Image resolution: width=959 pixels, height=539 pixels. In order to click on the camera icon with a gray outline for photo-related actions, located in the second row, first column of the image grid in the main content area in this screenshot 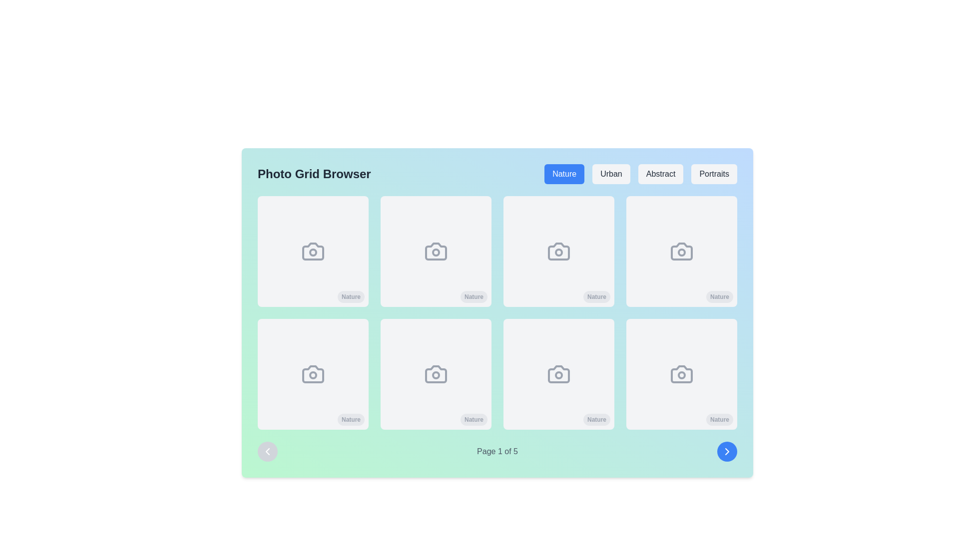, I will do `click(313, 374)`.